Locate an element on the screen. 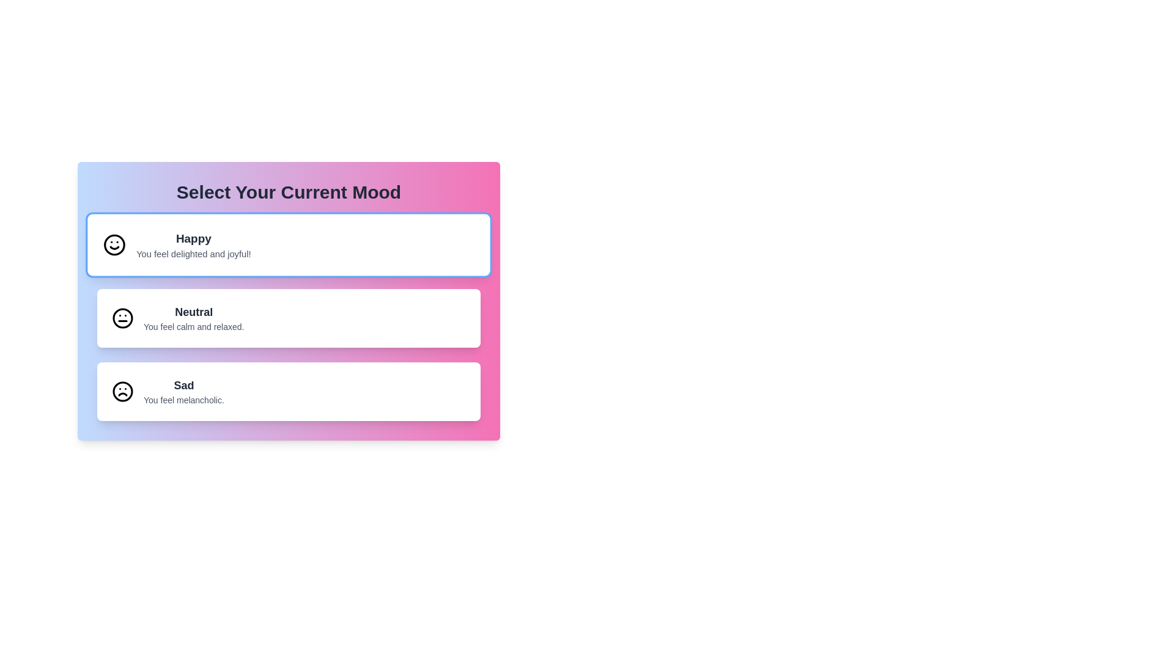 This screenshot has height=660, width=1174. the 'Happy' text label, which is prominently displayed in bold black font at the top of the mood section, just above the accompanying text about feeling delighted is located at coordinates (193, 238).